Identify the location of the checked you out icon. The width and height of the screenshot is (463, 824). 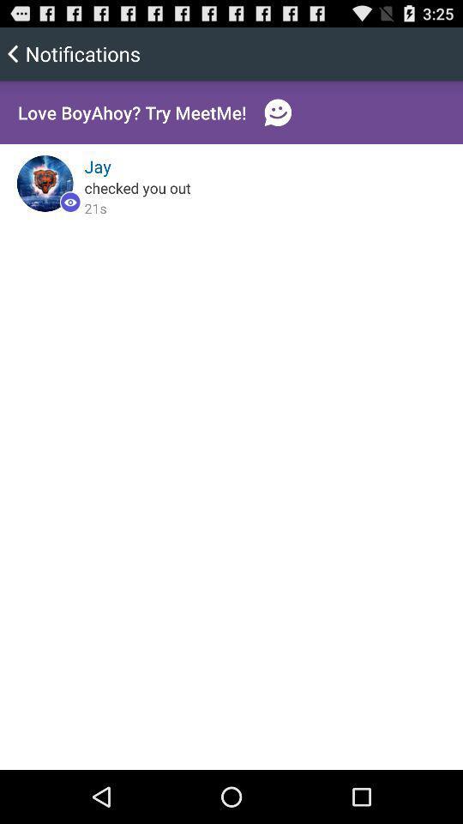
(136, 187).